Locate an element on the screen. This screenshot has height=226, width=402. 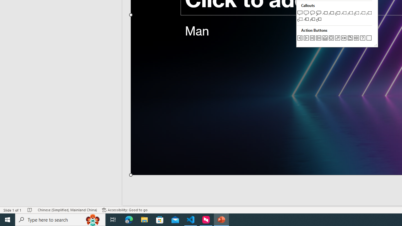
'Accessibility Checker Accessibility: Good to go' is located at coordinates (125, 210).